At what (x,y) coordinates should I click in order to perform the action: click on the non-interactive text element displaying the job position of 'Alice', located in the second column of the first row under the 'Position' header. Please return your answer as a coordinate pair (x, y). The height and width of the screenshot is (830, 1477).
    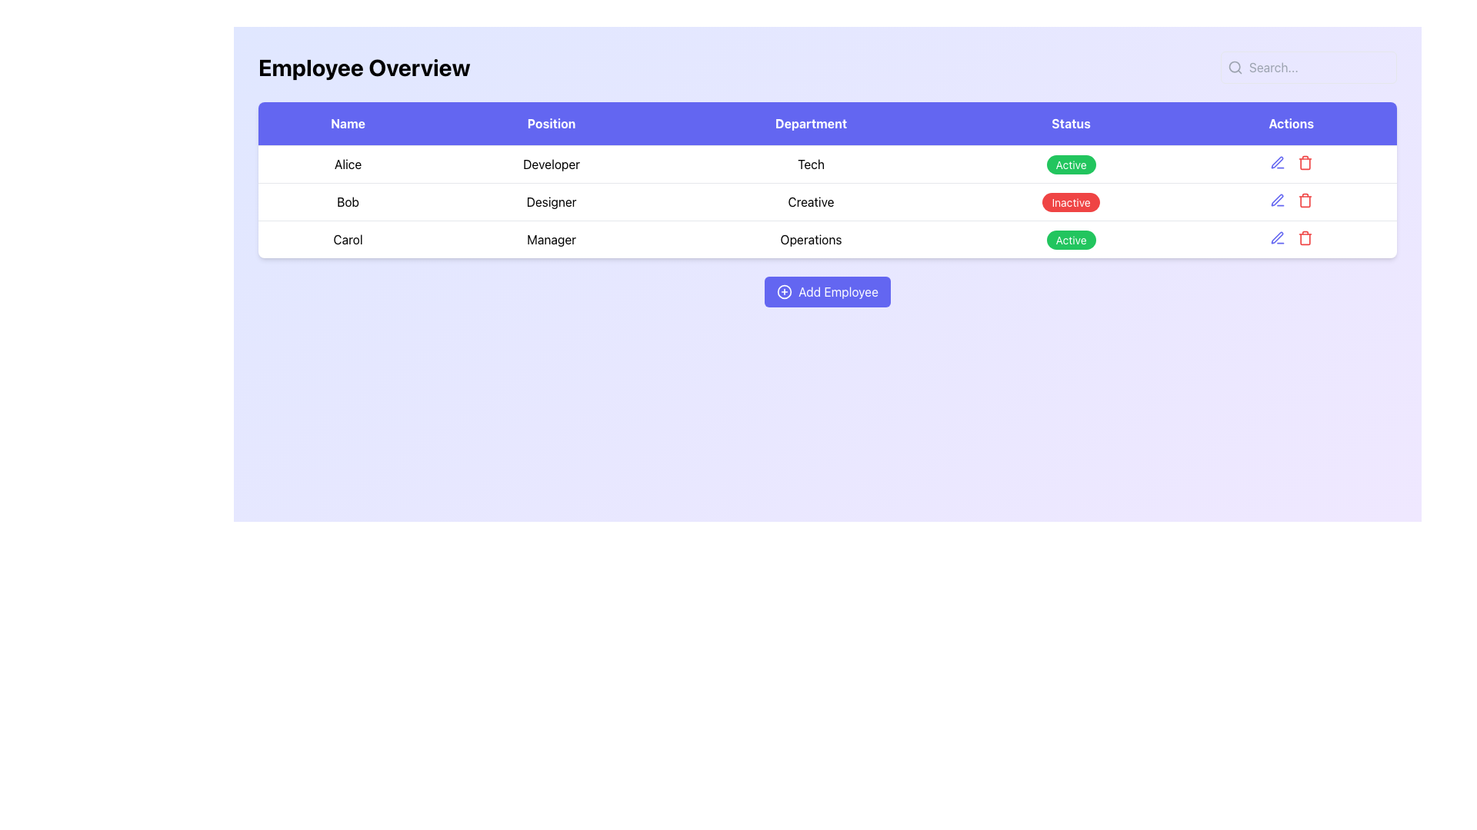
    Looking at the image, I should click on (552, 164).